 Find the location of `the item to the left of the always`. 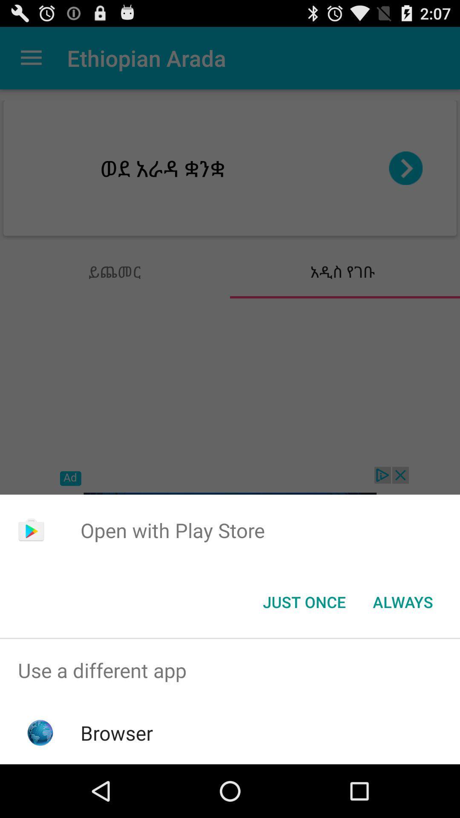

the item to the left of the always is located at coordinates (304, 601).